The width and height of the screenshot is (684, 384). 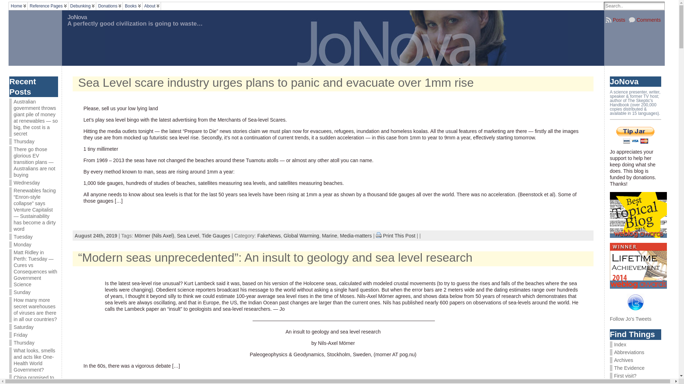 What do you see at coordinates (188, 236) in the screenshot?
I see `'Sea Level'` at bounding box center [188, 236].